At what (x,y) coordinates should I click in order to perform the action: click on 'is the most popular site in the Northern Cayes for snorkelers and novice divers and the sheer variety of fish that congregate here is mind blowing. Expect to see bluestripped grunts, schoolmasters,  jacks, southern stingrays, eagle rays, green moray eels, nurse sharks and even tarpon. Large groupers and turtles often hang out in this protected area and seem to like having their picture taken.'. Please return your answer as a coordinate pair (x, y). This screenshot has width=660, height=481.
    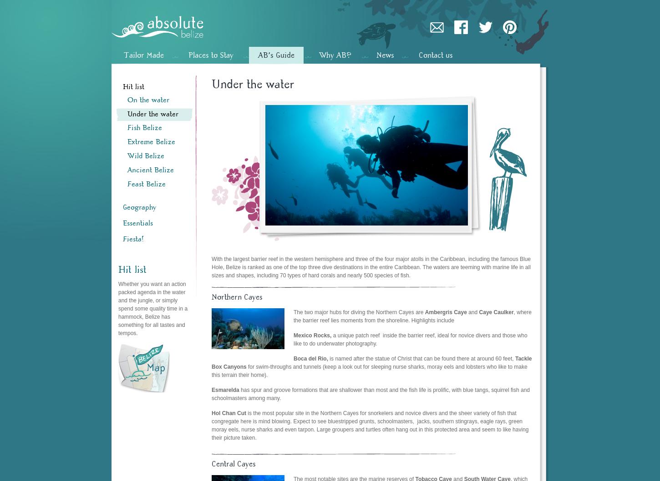
    Looking at the image, I should click on (370, 425).